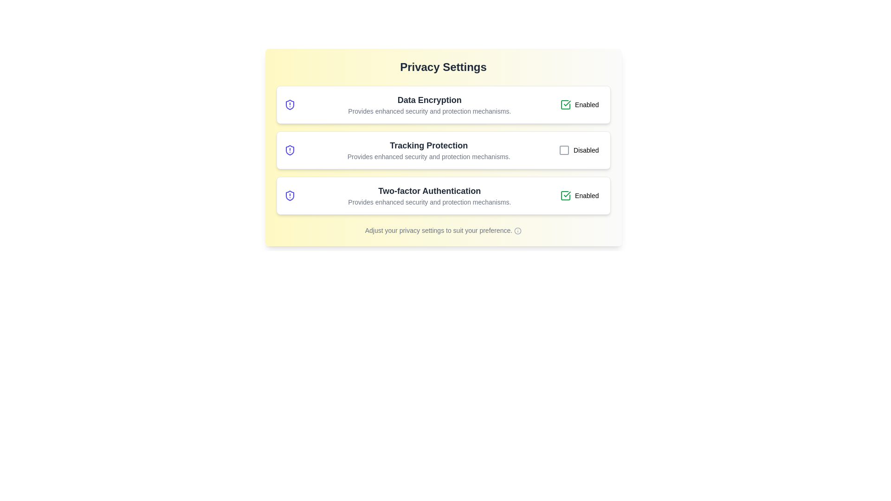  Describe the element at coordinates (579, 195) in the screenshot. I see `the Toggle indicator for 'Two-factor Authentication'` at that location.